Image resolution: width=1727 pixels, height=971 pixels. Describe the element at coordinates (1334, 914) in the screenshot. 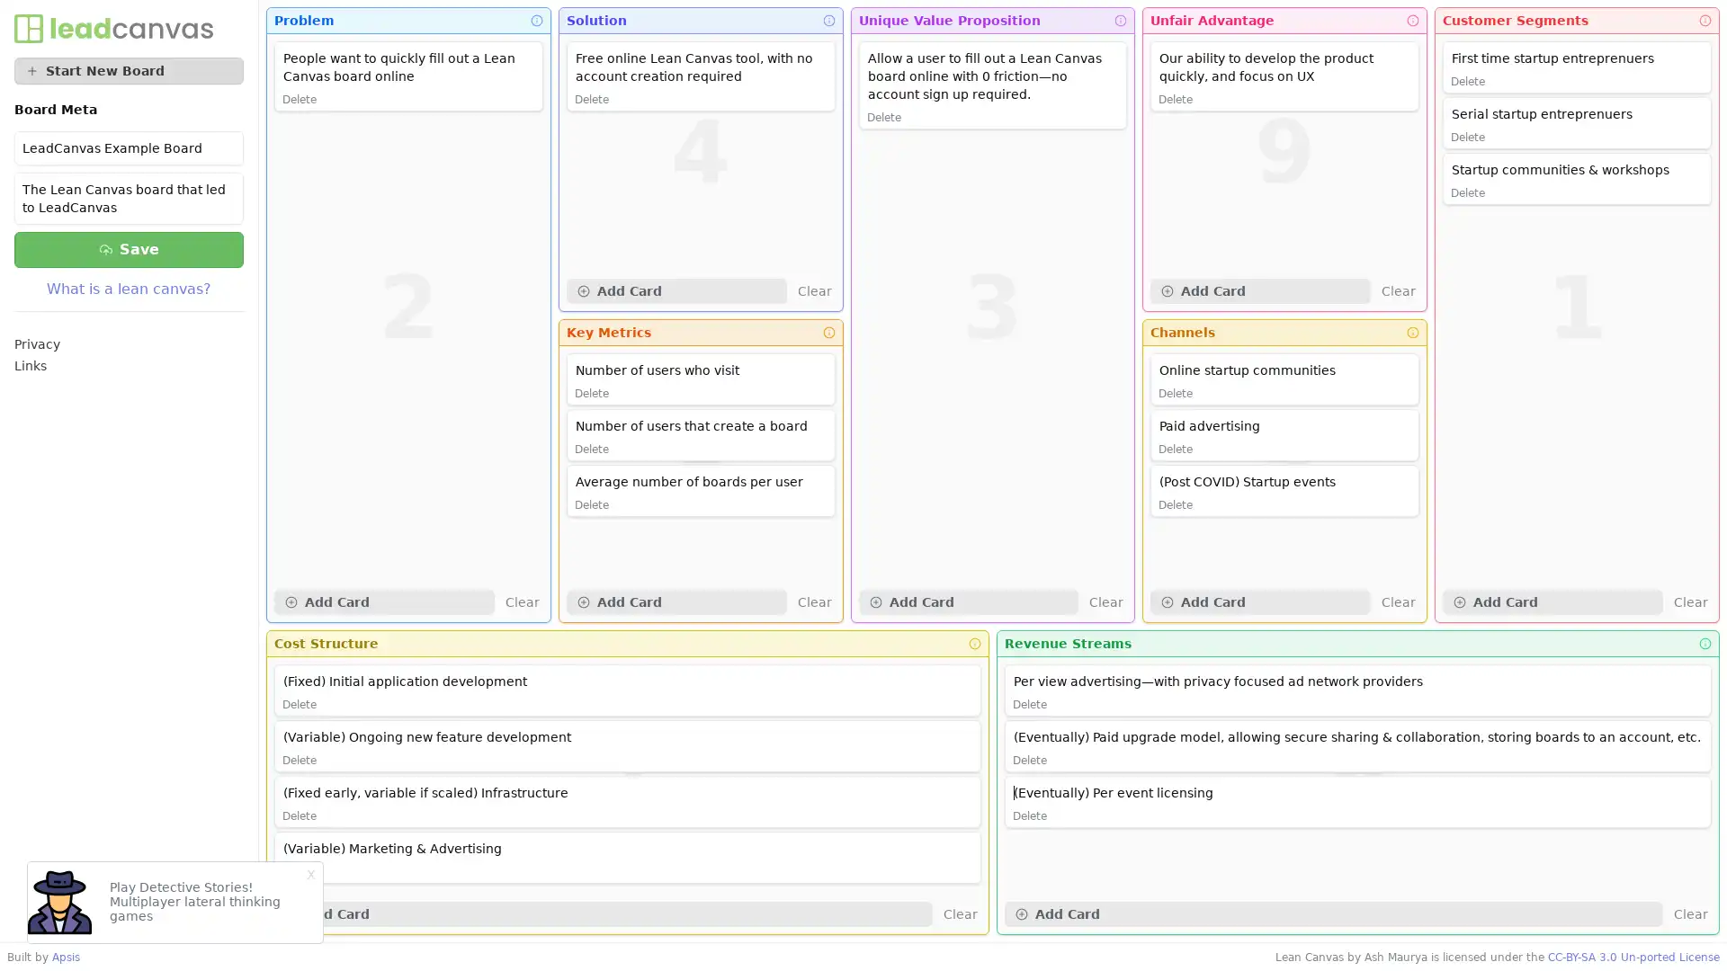

I see `Add Card` at that location.